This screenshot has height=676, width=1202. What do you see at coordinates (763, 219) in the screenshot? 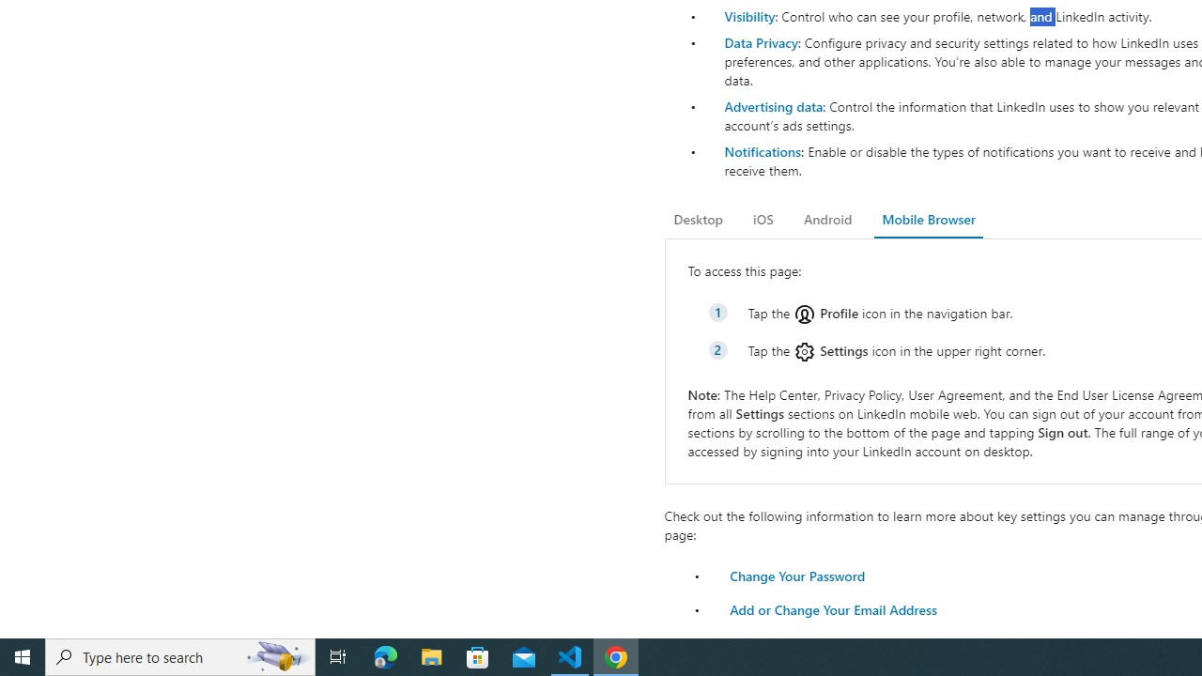
I see `'iOS'` at bounding box center [763, 219].